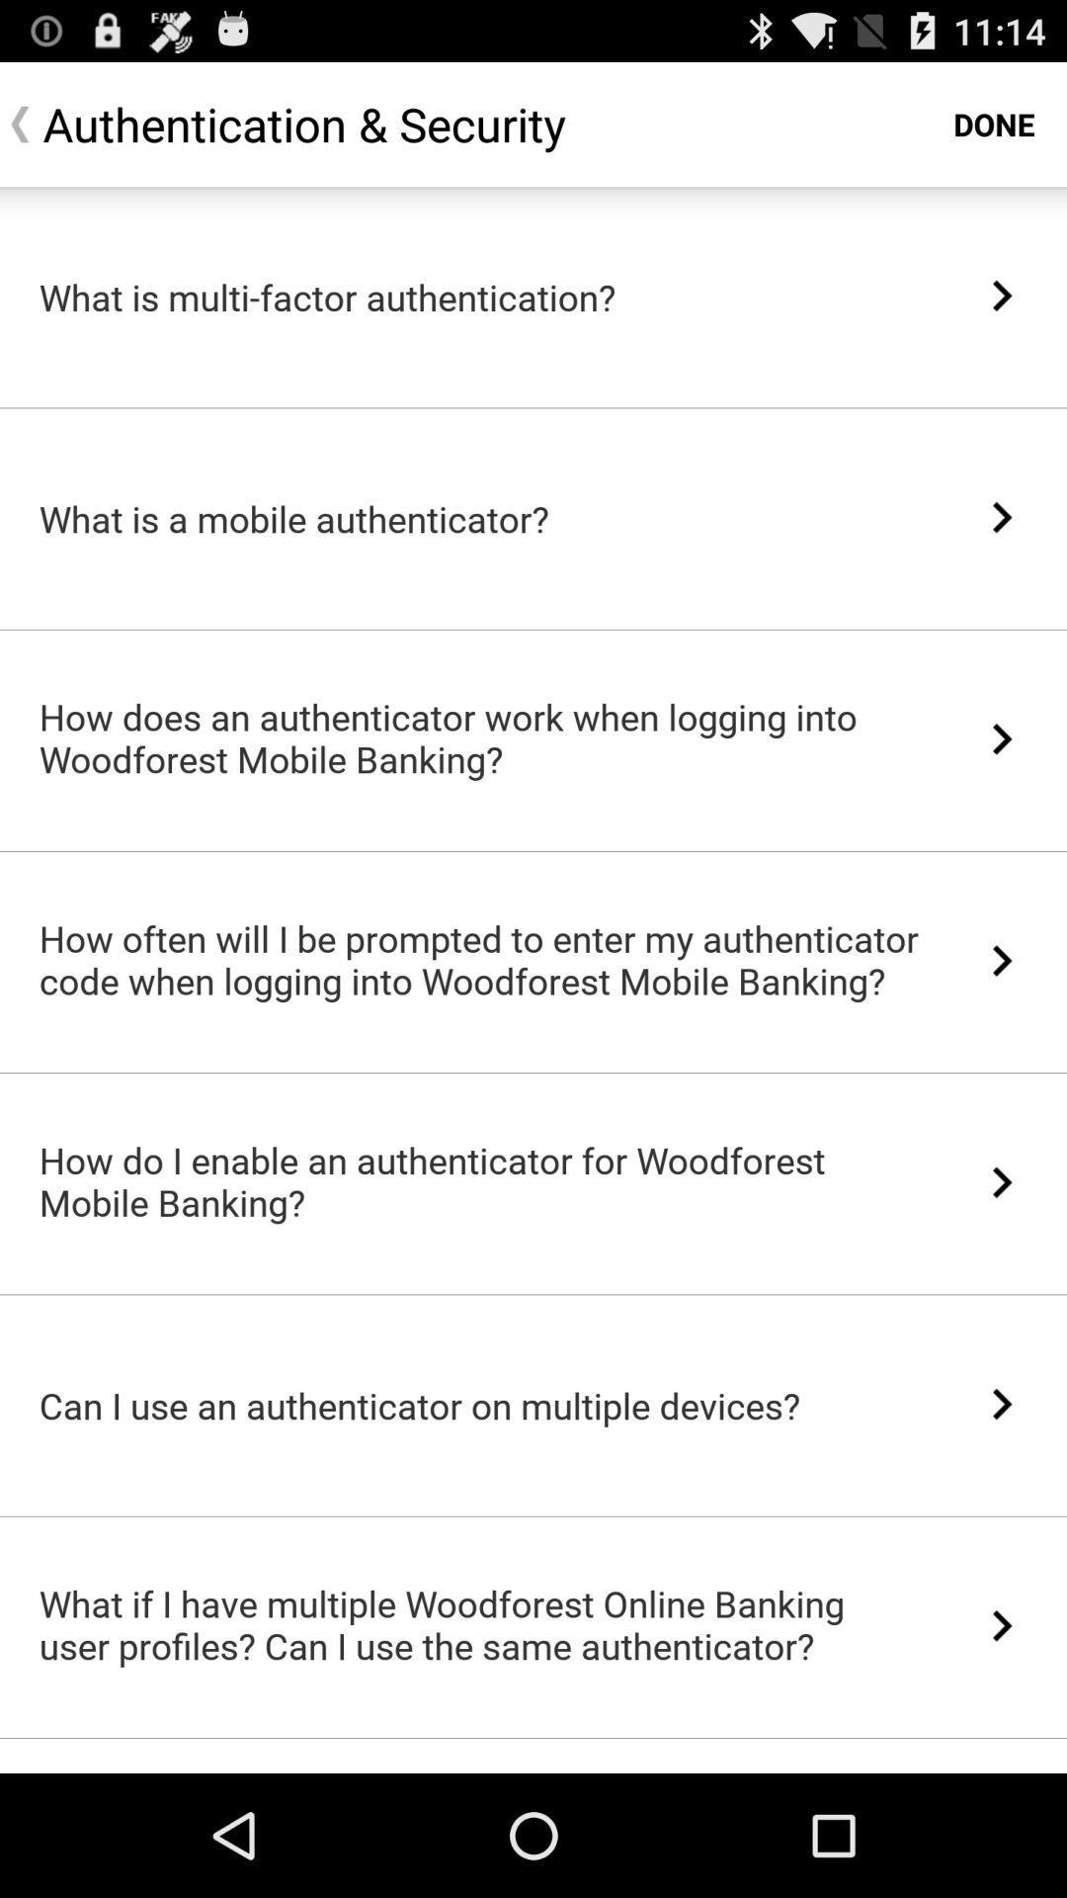 The height and width of the screenshot is (1898, 1067). What do you see at coordinates (1002, 961) in the screenshot?
I see `the item next to the how often will item` at bounding box center [1002, 961].